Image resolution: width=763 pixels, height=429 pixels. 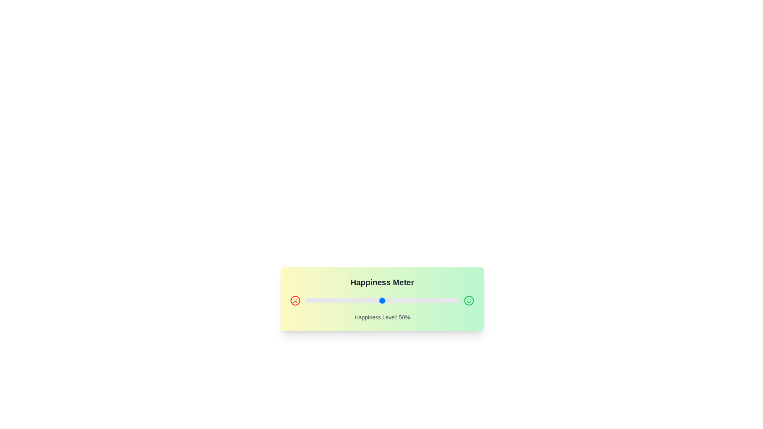 What do you see at coordinates (413, 300) in the screenshot?
I see `the slider to set the happiness level to 70%` at bounding box center [413, 300].